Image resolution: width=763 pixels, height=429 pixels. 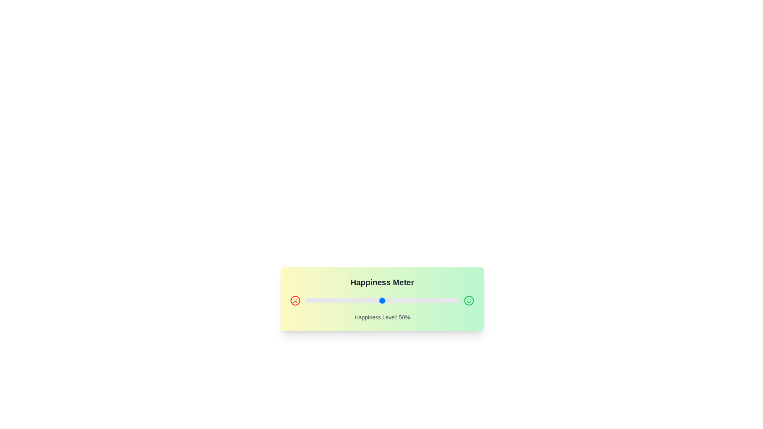 What do you see at coordinates (413, 300) in the screenshot?
I see `the slider to set the happiness level to 70%` at bounding box center [413, 300].